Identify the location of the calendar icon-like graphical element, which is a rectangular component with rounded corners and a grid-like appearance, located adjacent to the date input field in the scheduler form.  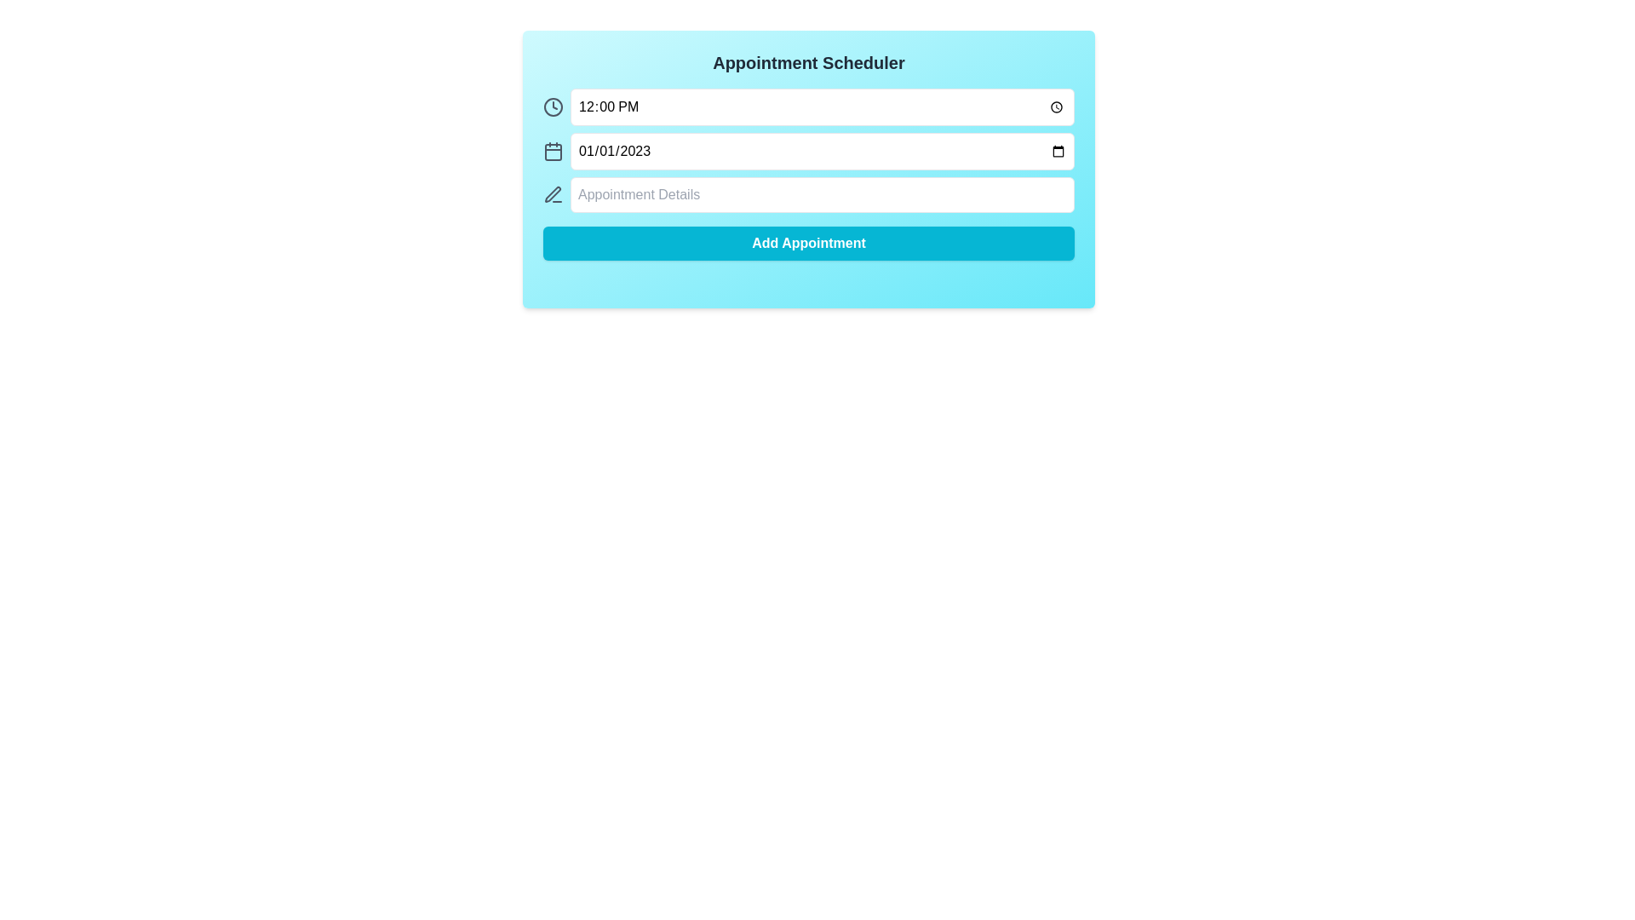
(553, 151).